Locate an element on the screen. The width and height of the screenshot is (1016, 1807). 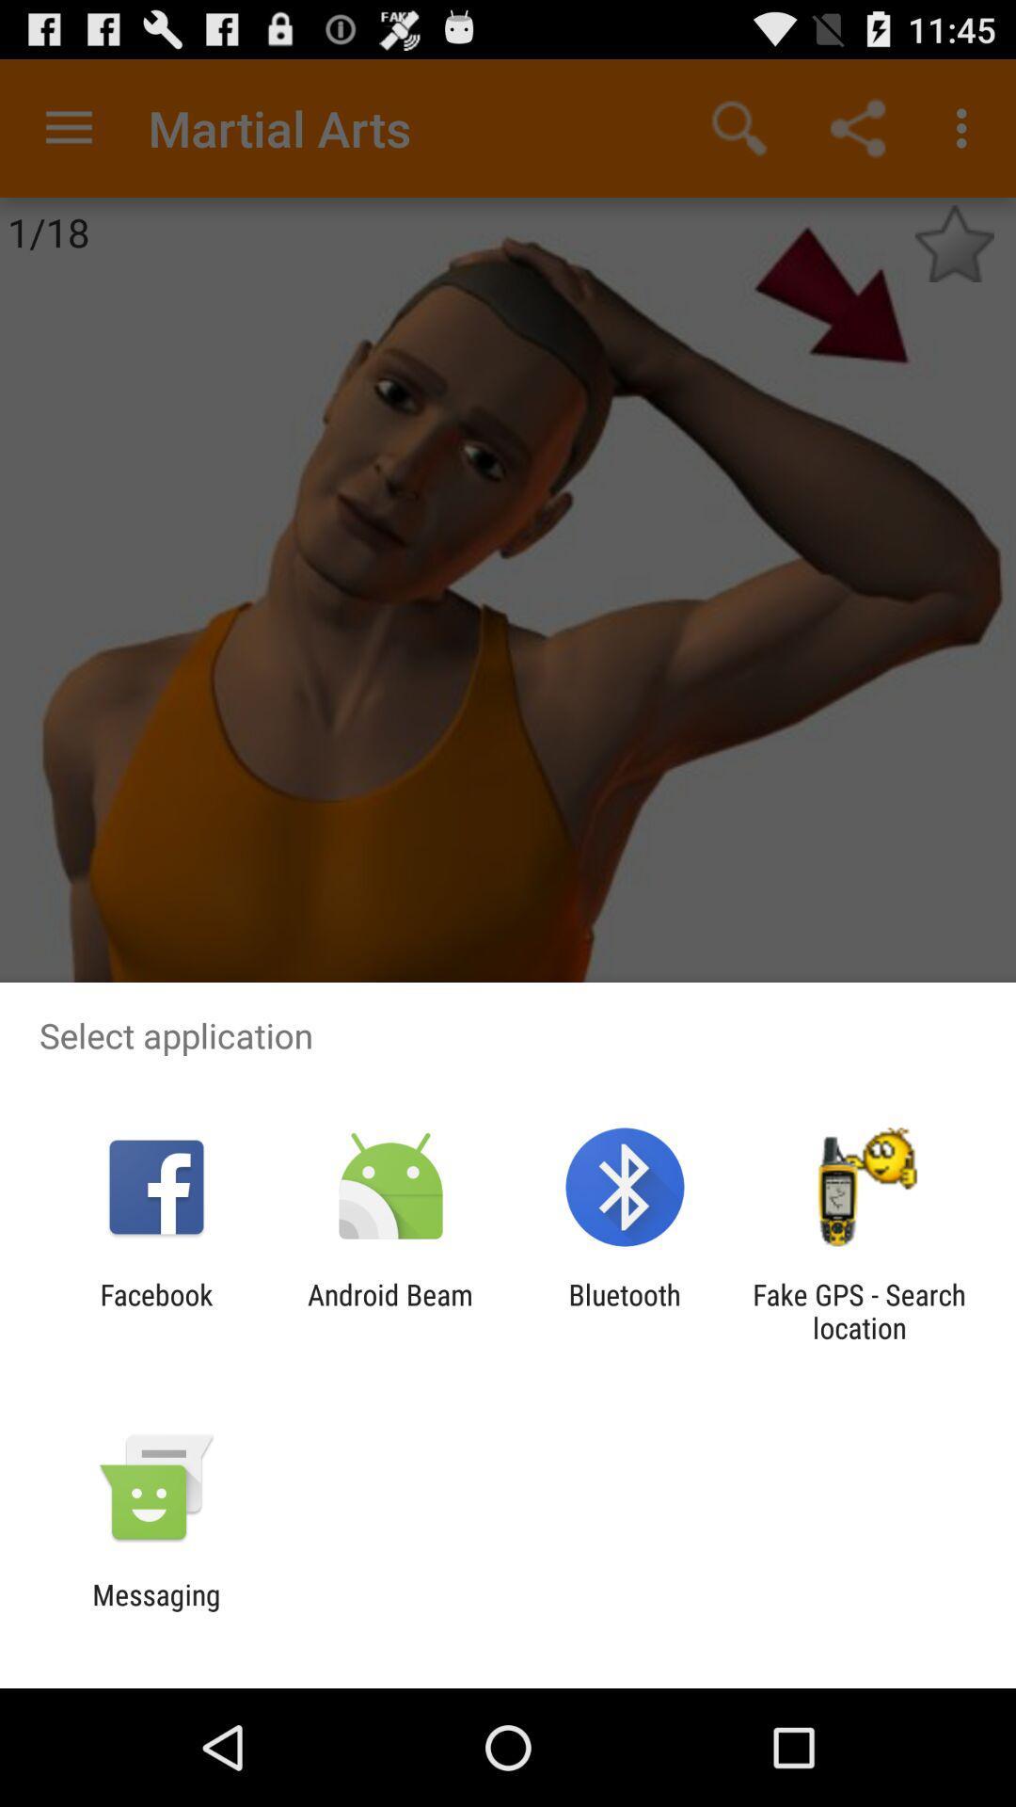
bluetooth app is located at coordinates (625, 1310).